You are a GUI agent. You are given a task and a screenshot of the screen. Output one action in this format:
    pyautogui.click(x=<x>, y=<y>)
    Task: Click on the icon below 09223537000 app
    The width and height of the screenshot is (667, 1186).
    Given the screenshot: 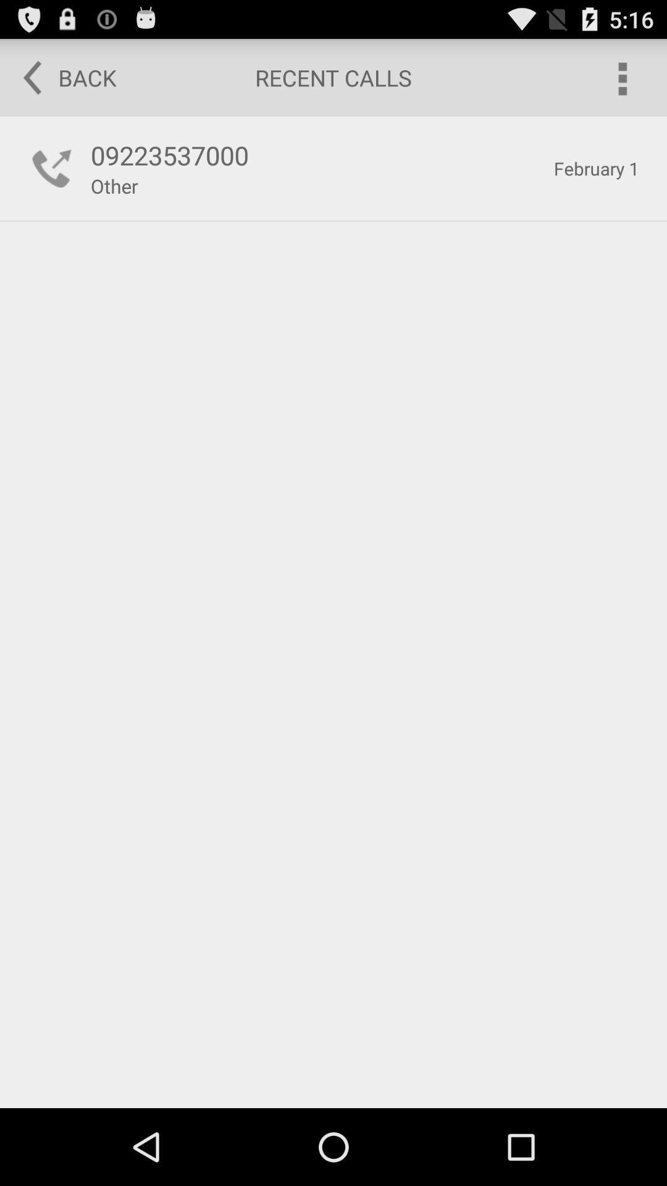 What is the action you would take?
    pyautogui.click(x=114, y=185)
    